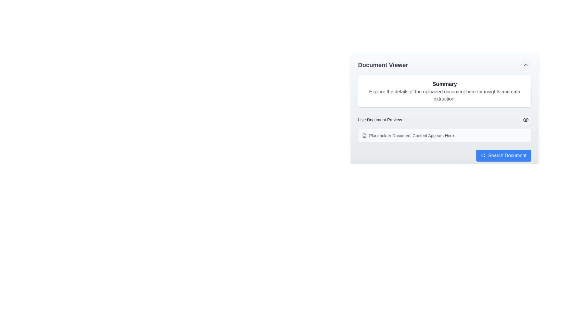  Describe the element at coordinates (526, 65) in the screenshot. I see `the chevron up icon within the circular gray button located at the top-right corner of the 'Document Viewer' section` at that location.